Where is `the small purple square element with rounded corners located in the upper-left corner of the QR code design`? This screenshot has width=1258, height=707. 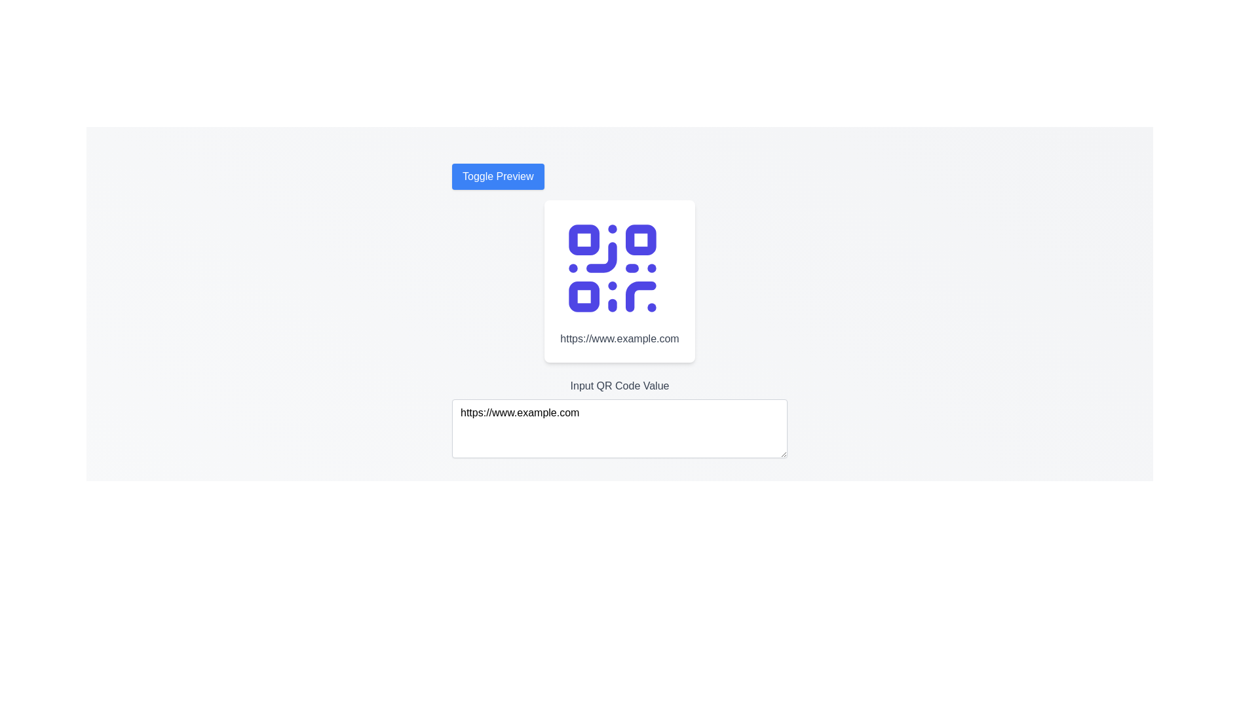
the small purple square element with rounded corners located in the upper-left corner of the QR code design is located at coordinates (584, 240).